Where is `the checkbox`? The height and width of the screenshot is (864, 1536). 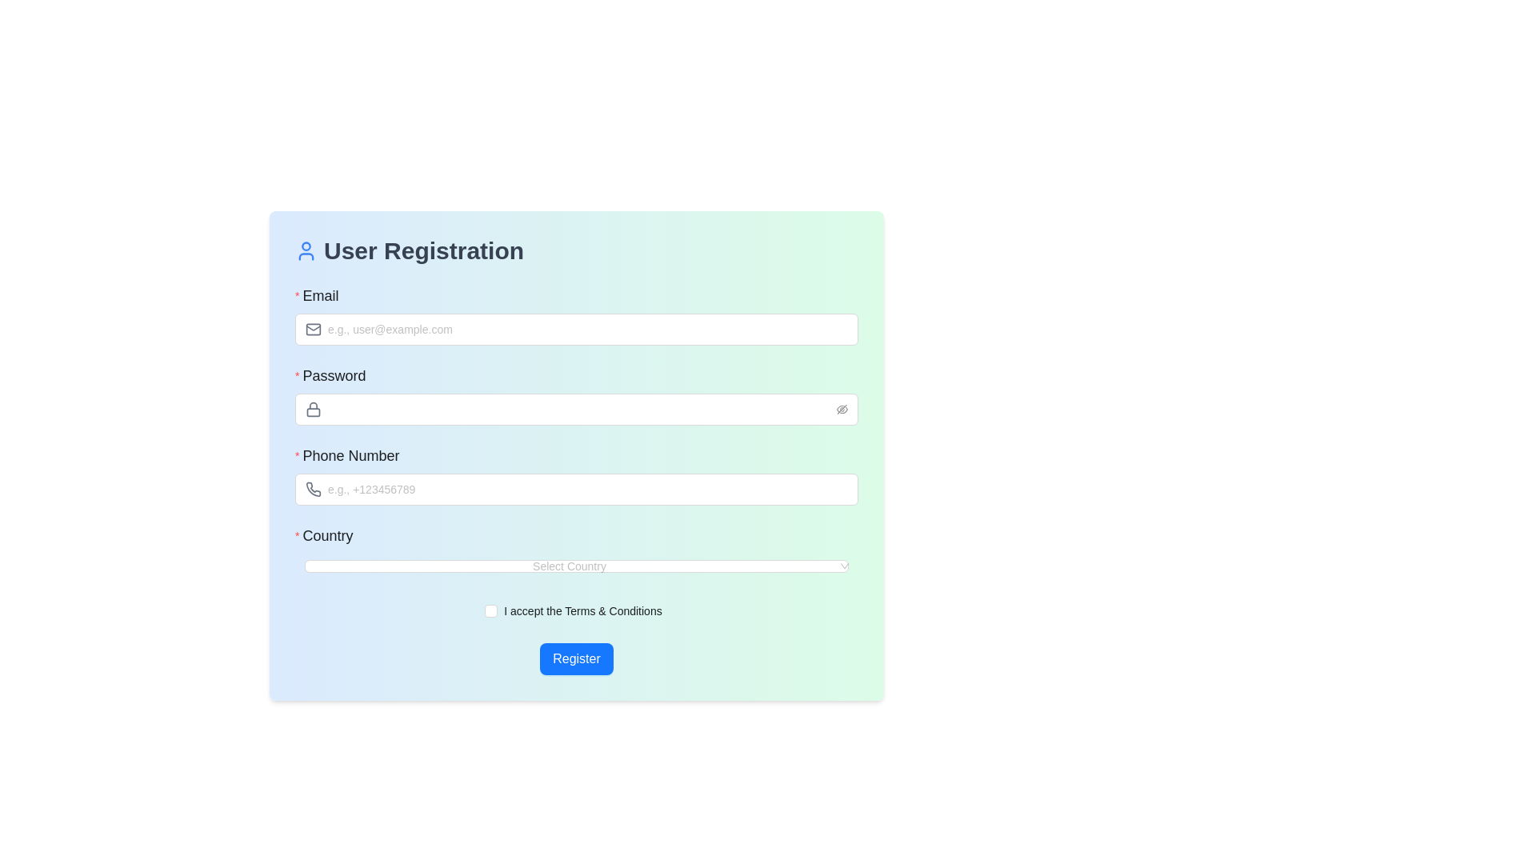 the checkbox is located at coordinates (490, 610).